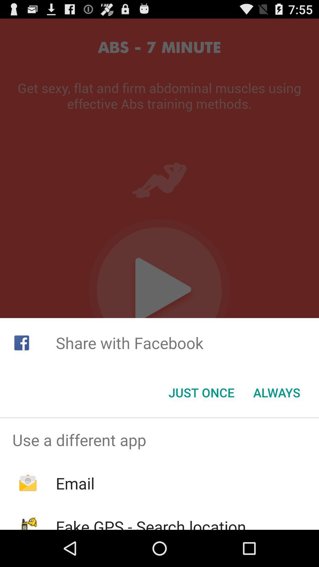 The width and height of the screenshot is (319, 567). What do you see at coordinates (277, 392) in the screenshot?
I see `always at the bottom right corner` at bounding box center [277, 392].